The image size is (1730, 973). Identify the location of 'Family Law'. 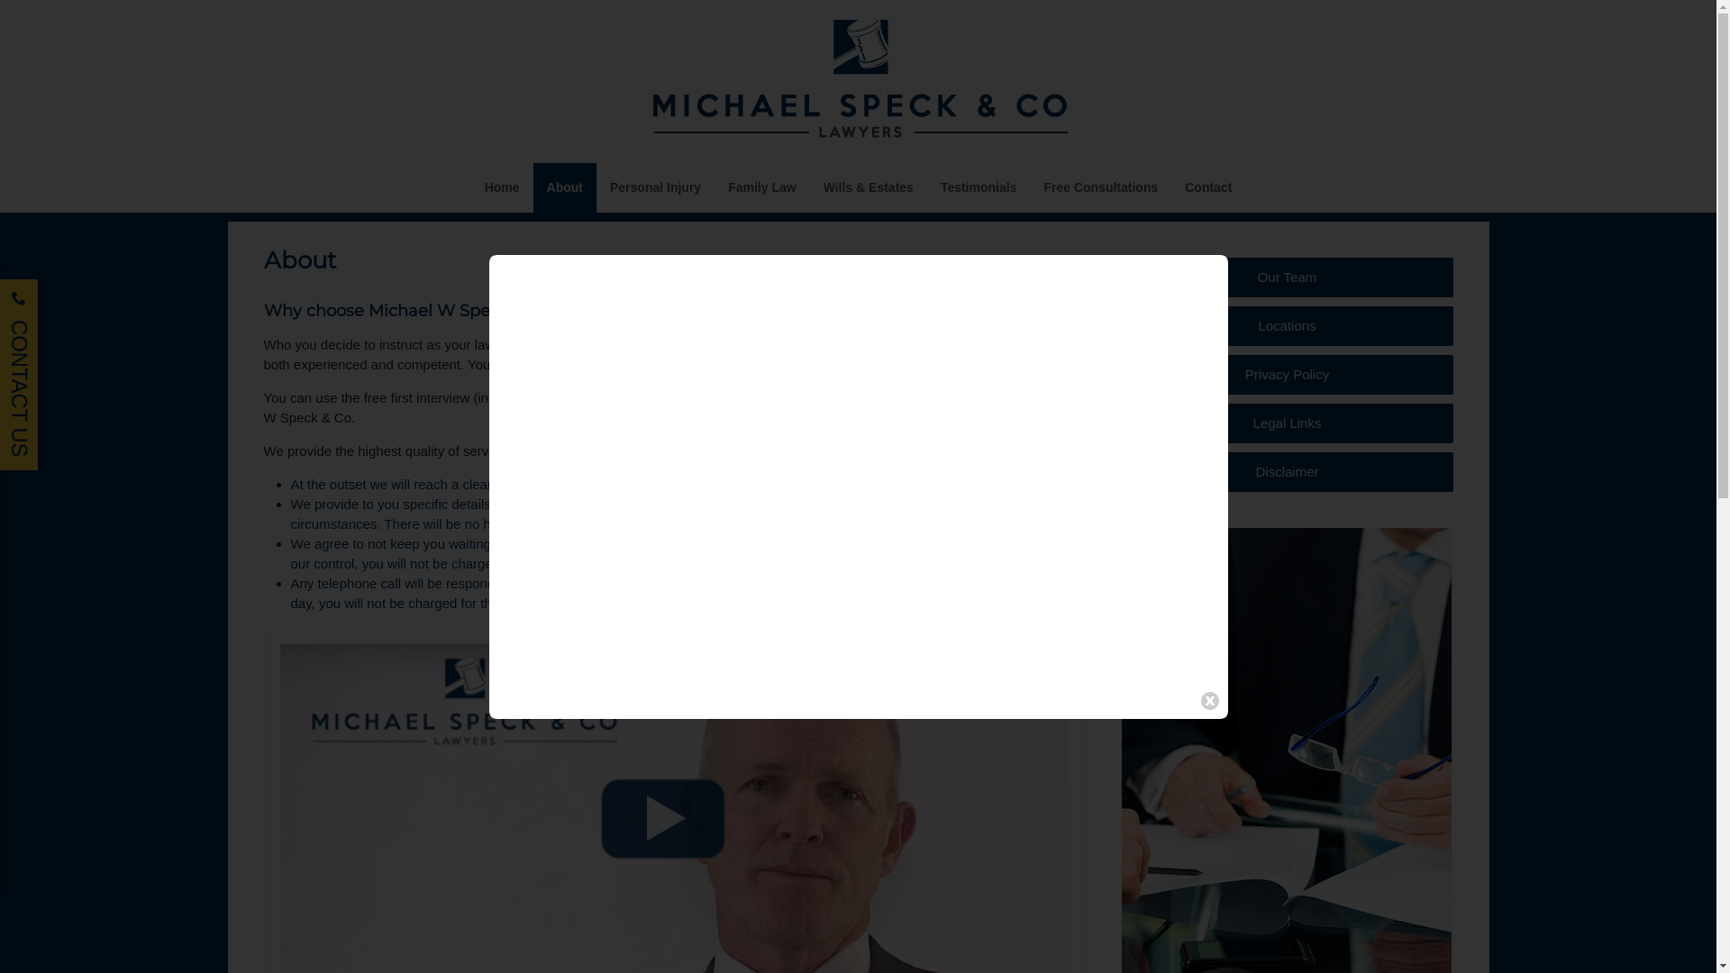
(713, 187).